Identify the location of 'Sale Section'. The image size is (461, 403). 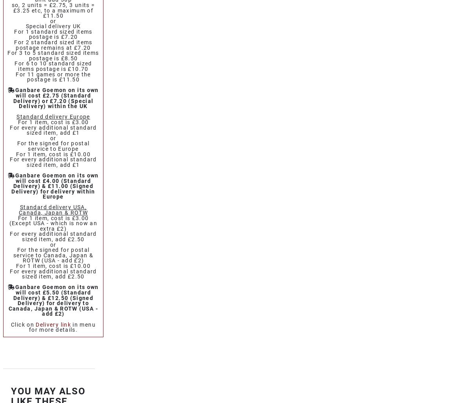
(43, 106).